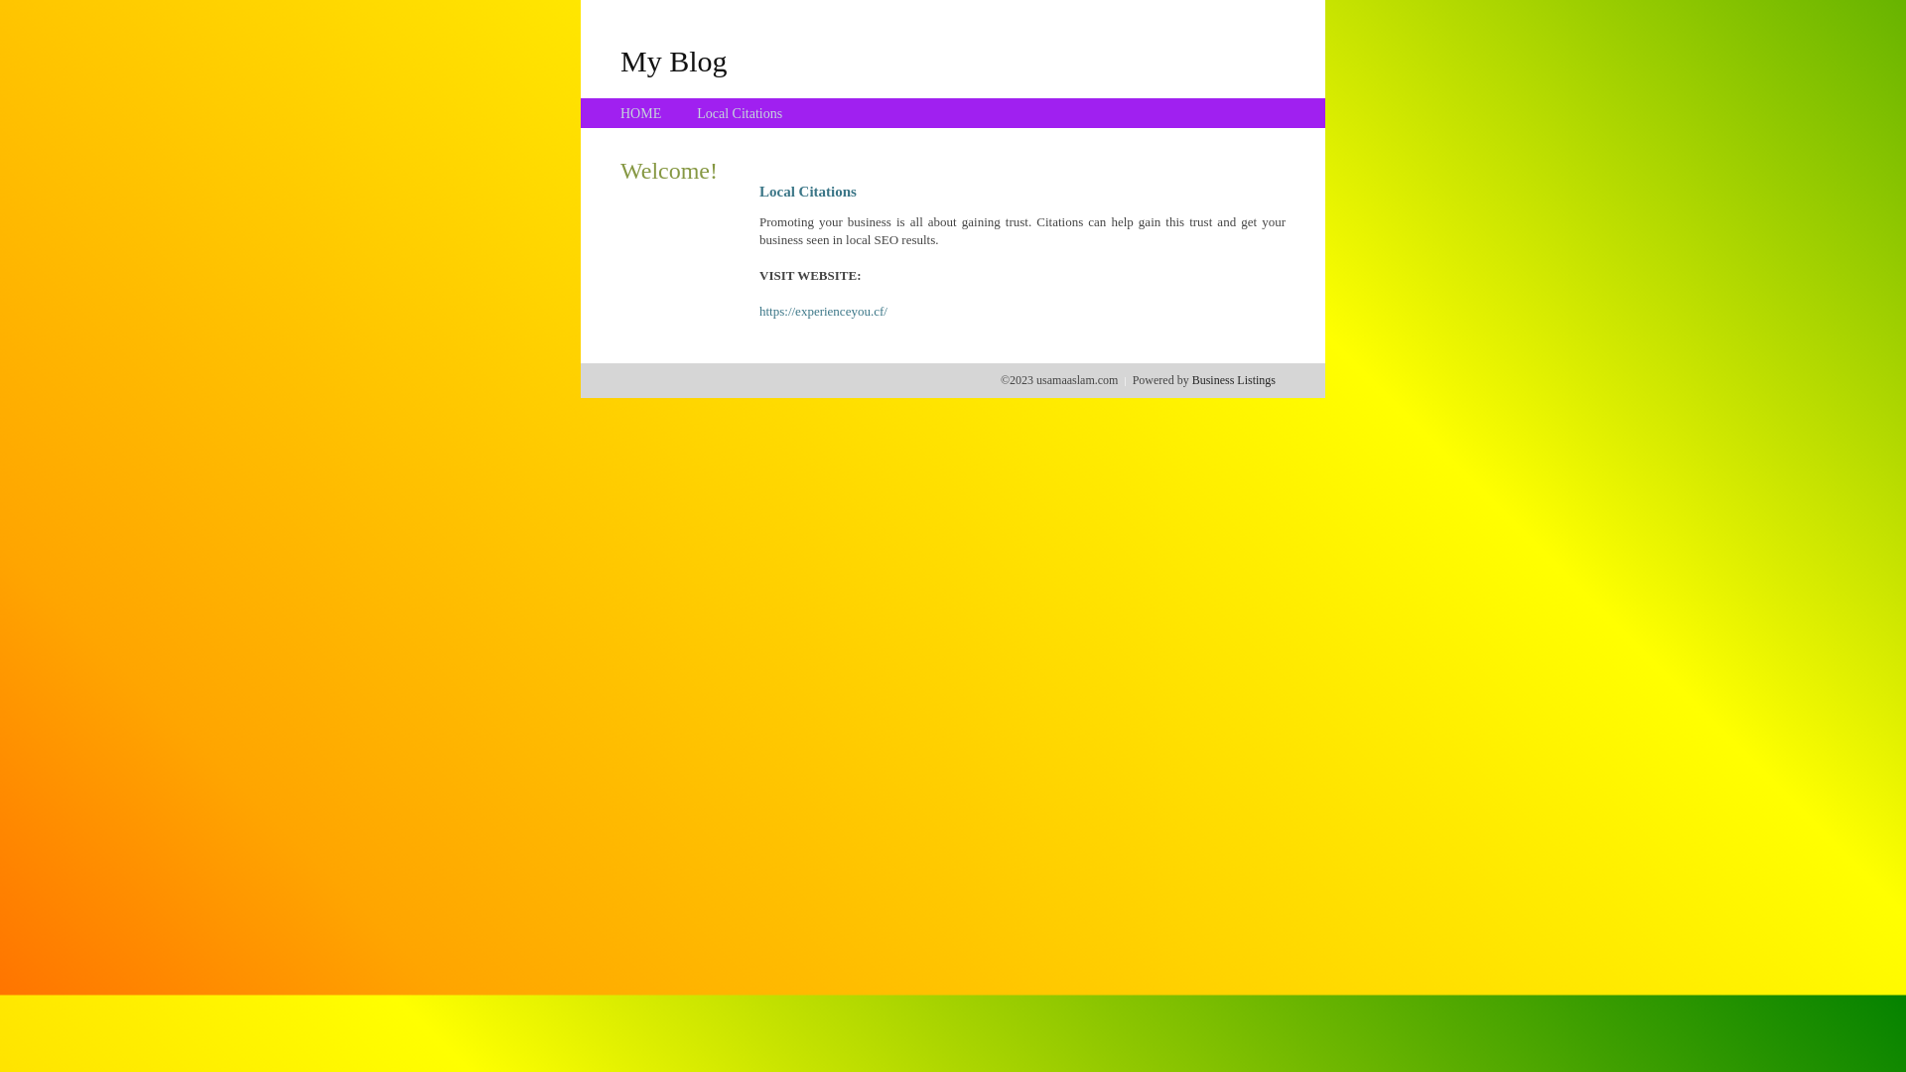 The height and width of the screenshot is (1072, 1906). What do you see at coordinates (738, 113) in the screenshot?
I see `'Local Citations'` at bounding box center [738, 113].